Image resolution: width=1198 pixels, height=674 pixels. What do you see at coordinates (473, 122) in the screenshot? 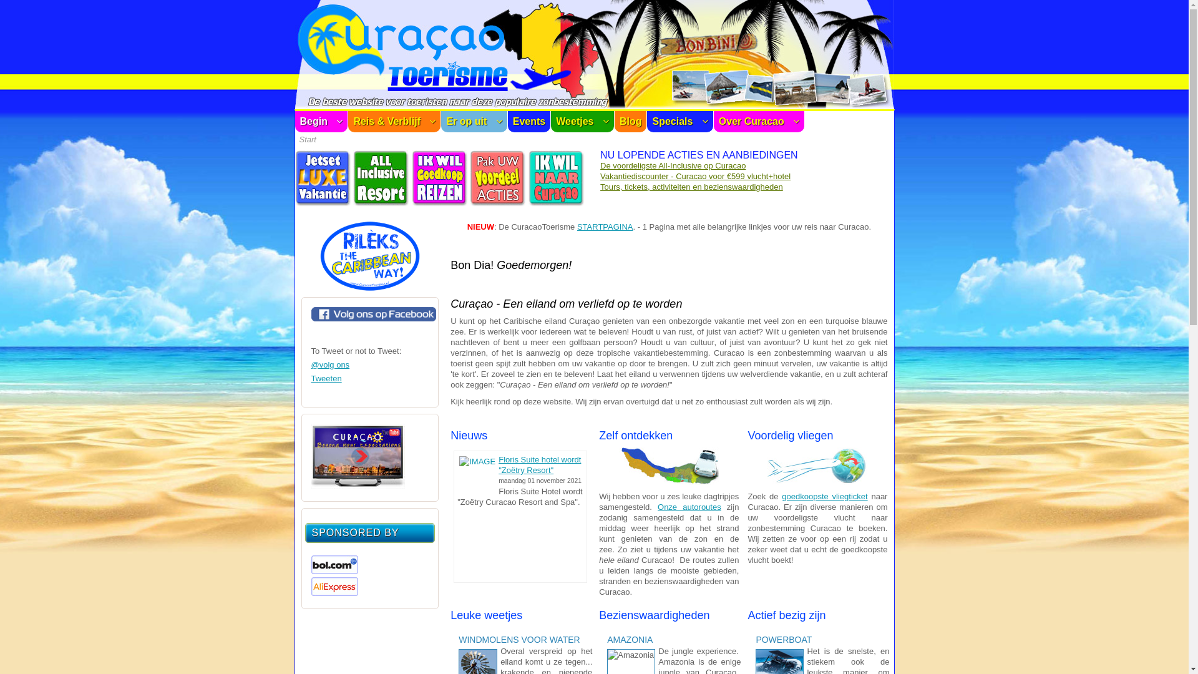
I see `'Er op uit'` at bounding box center [473, 122].